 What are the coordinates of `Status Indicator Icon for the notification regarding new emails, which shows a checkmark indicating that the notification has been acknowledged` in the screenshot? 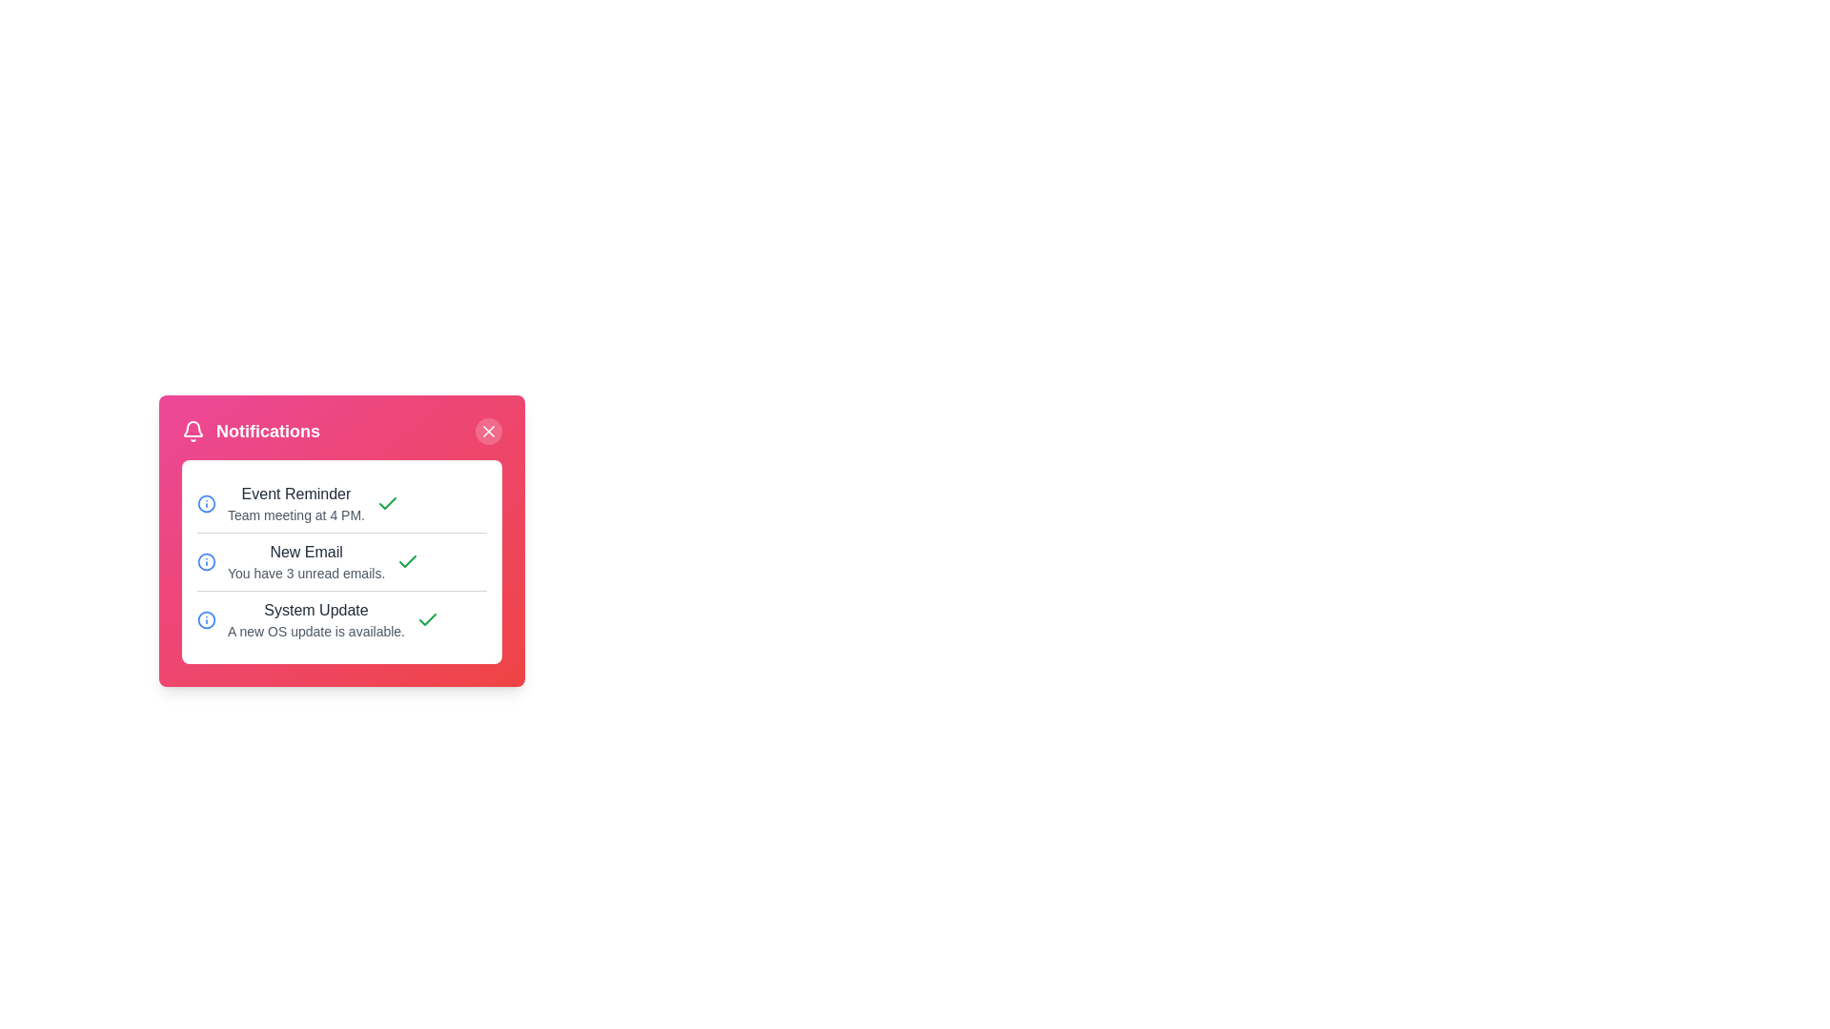 It's located at (407, 561).